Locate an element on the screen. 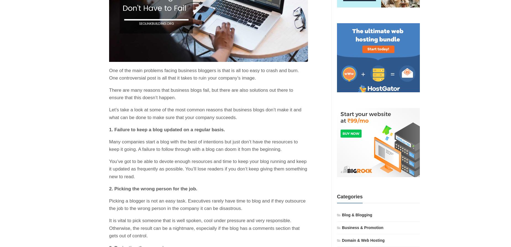  'Categories' is located at coordinates (349, 196).